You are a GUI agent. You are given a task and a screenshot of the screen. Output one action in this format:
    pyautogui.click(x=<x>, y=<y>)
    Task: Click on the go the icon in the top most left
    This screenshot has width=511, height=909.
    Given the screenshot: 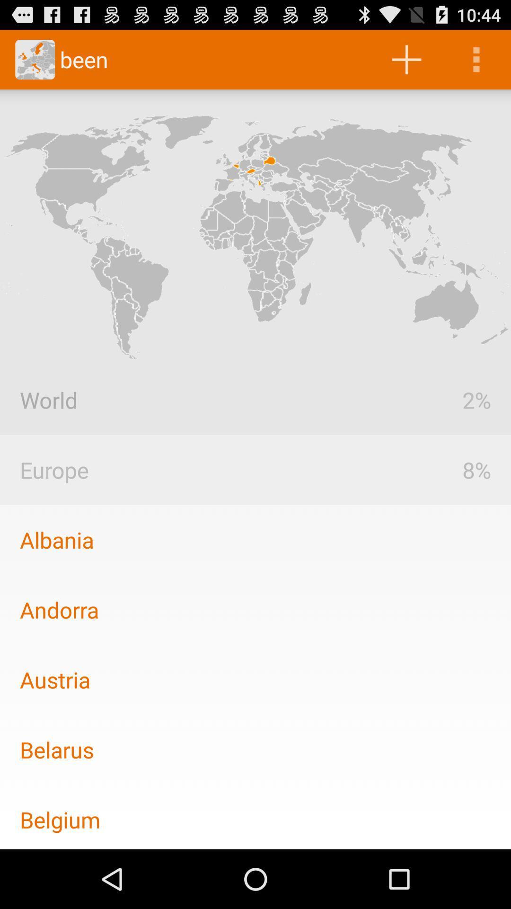 What is the action you would take?
    pyautogui.click(x=34, y=59)
    